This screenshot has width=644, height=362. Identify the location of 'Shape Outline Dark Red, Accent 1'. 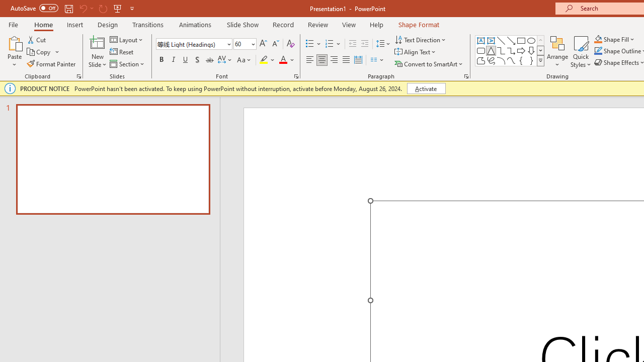
(598, 51).